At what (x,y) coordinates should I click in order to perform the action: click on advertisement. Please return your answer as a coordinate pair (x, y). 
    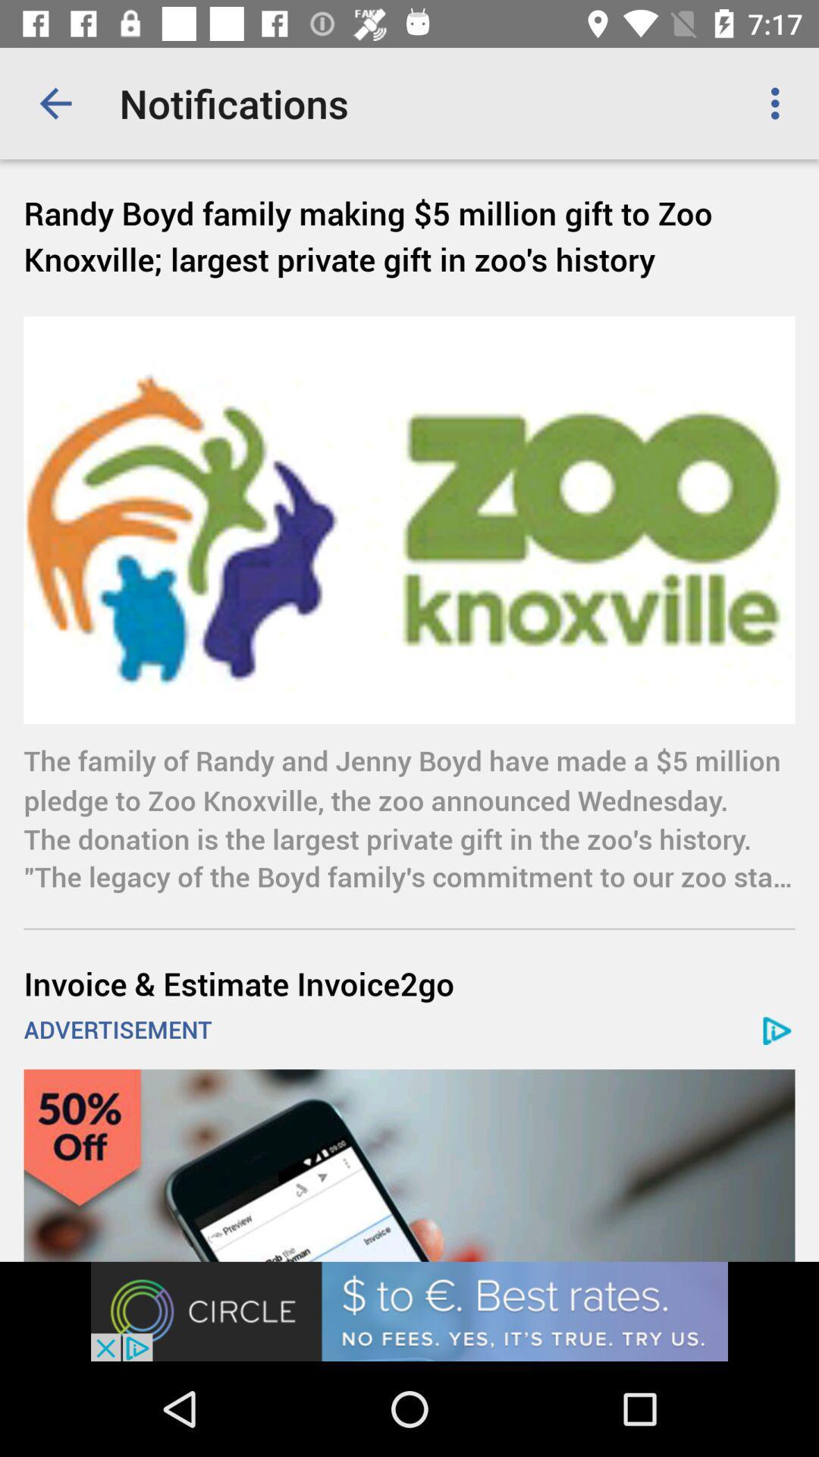
    Looking at the image, I should click on (409, 1165).